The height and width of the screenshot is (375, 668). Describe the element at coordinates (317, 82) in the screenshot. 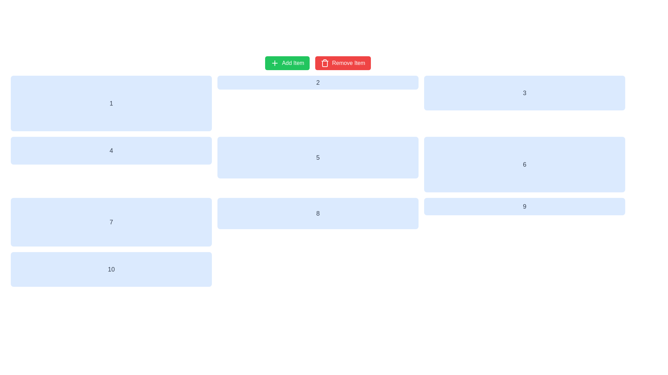

I see `the Label indicating the numerical value '2' in the grid layout, centrally positioned in the first row with '1' to its left and '3' to its right` at that location.